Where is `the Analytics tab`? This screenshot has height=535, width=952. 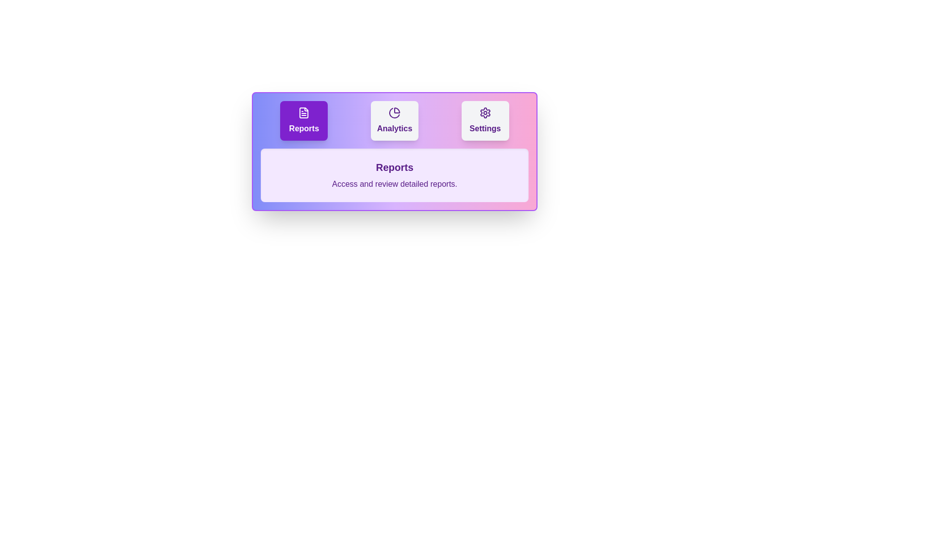 the Analytics tab is located at coordinates (394, 120).